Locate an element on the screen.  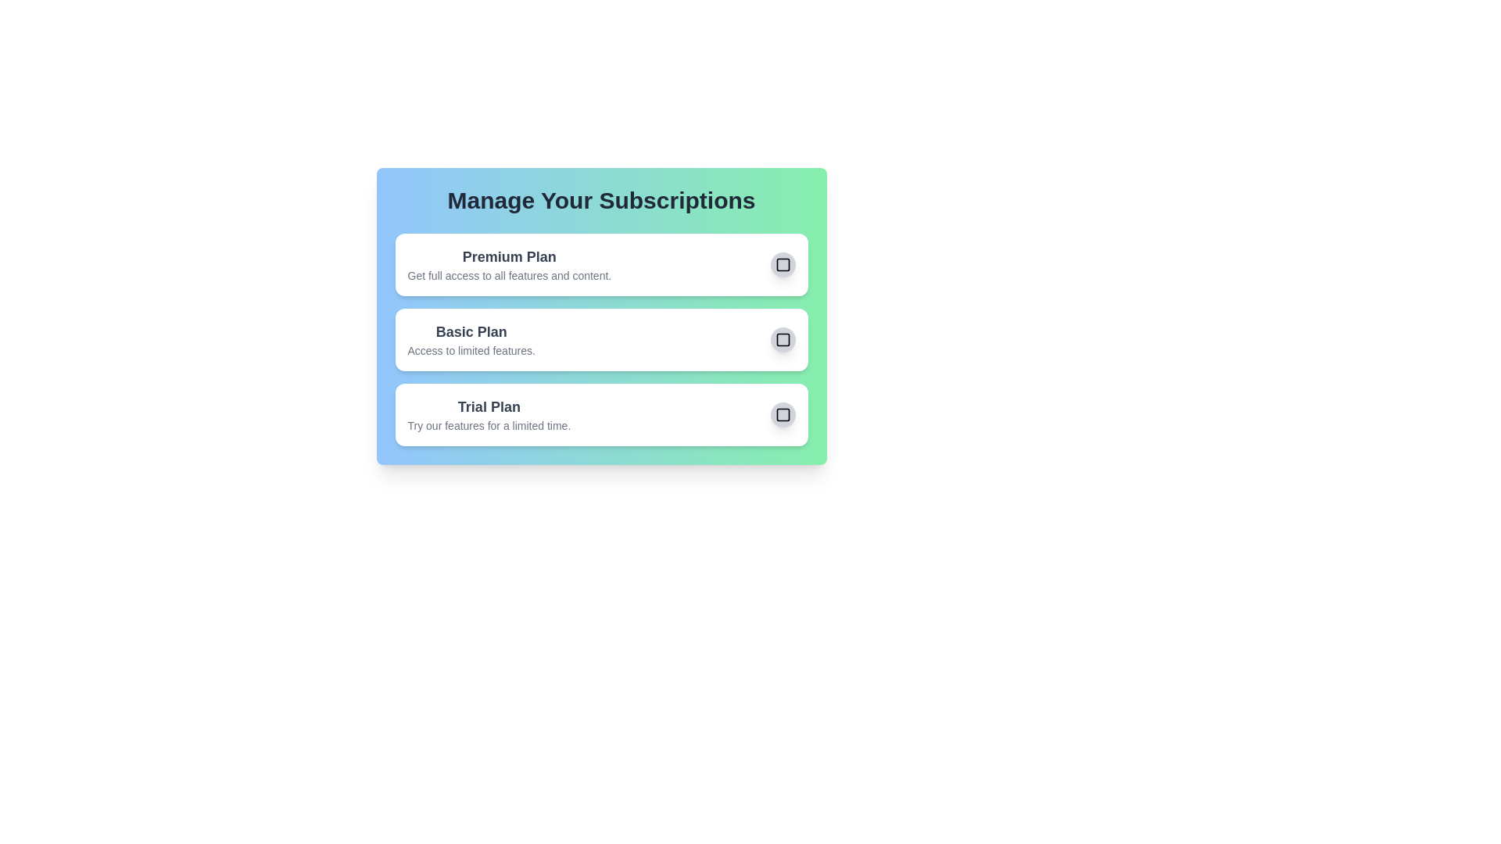
the interactive graphic element located to the far right of the 'Basic Plan' subscription entry to interact with it is located at coordinates (783, 339).